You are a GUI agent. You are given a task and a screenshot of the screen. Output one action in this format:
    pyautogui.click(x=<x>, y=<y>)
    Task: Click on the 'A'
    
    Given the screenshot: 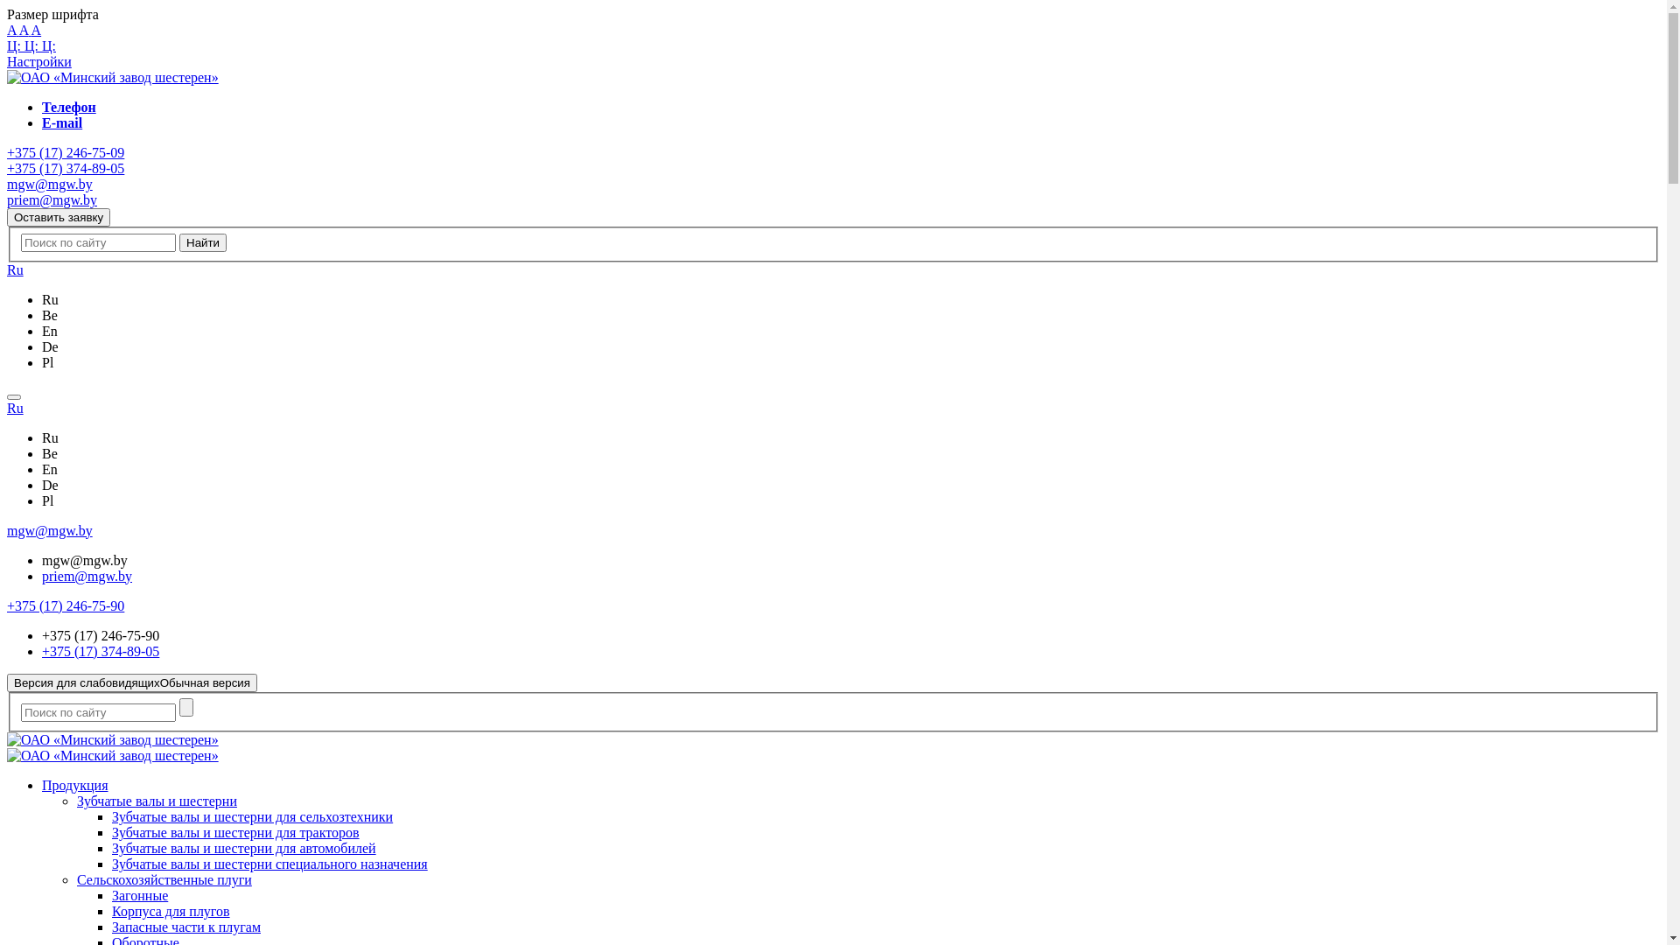 What is the action you would take?
    pyautogui.click(x=19, y=30)
    